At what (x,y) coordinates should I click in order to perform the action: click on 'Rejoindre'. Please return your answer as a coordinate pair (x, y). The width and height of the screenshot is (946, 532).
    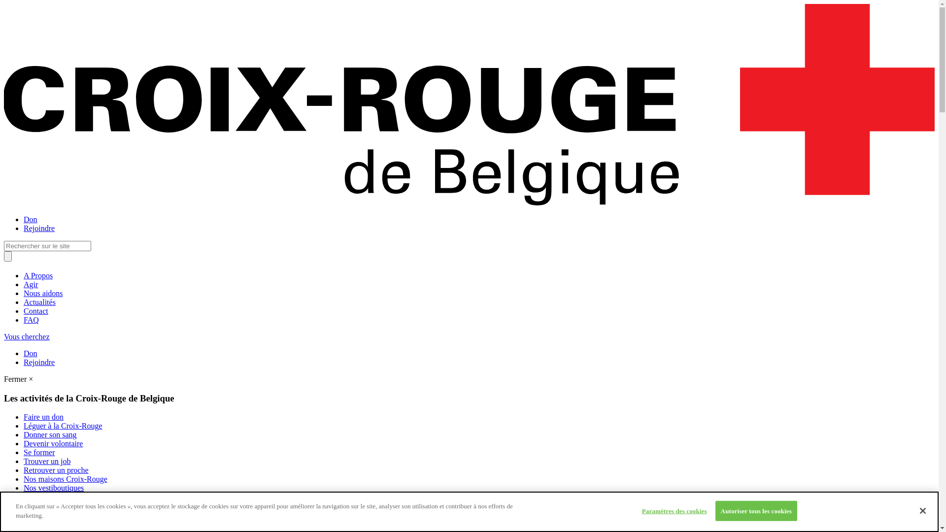
    Looking at the image, I should click on (39, 362).